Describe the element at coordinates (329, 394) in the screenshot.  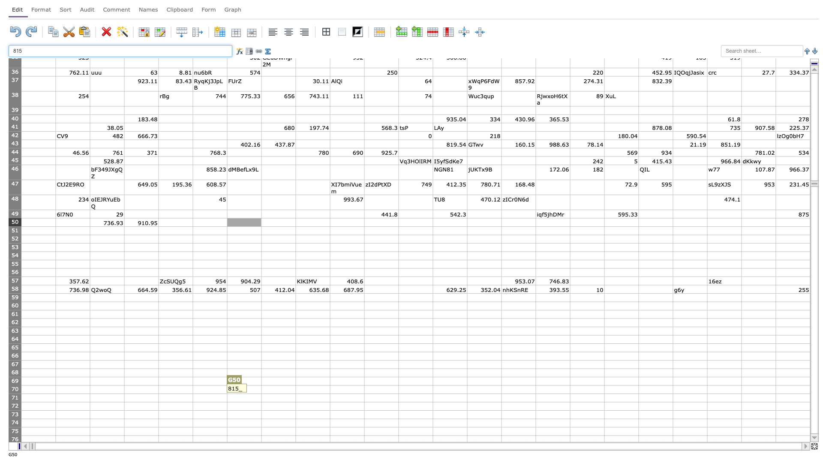
I see `Auto-fill point of cell I70` at that location.